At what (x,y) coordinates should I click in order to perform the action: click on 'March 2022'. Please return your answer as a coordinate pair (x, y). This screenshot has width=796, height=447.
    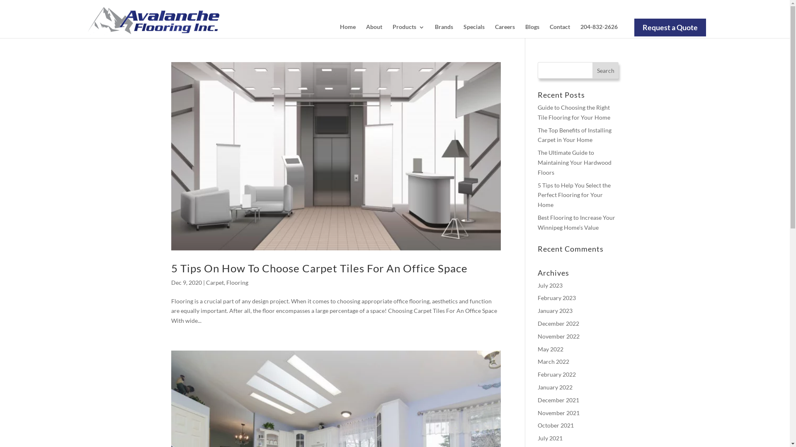
    Looking at the image, I should click on (553, 361).